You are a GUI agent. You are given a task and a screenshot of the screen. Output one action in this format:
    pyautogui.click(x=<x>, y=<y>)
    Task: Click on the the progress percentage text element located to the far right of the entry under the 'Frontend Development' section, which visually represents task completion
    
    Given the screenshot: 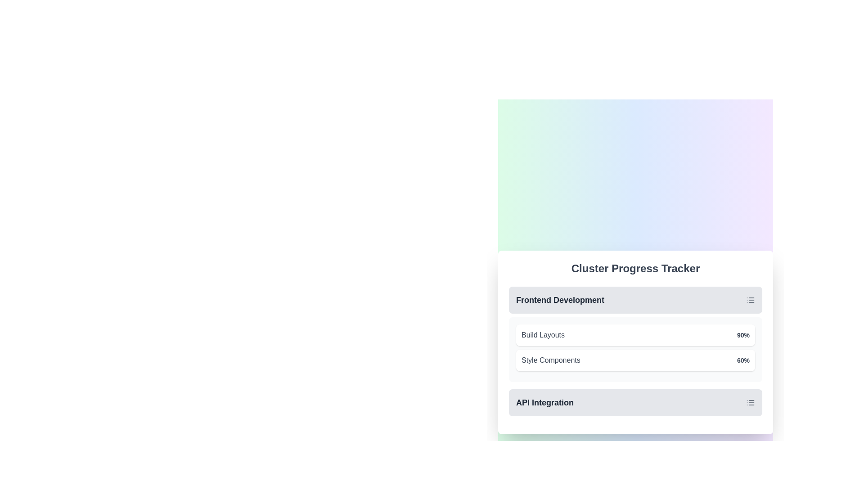 What is the action you would take?
    pyautogui.click(x=743, y=335)
    